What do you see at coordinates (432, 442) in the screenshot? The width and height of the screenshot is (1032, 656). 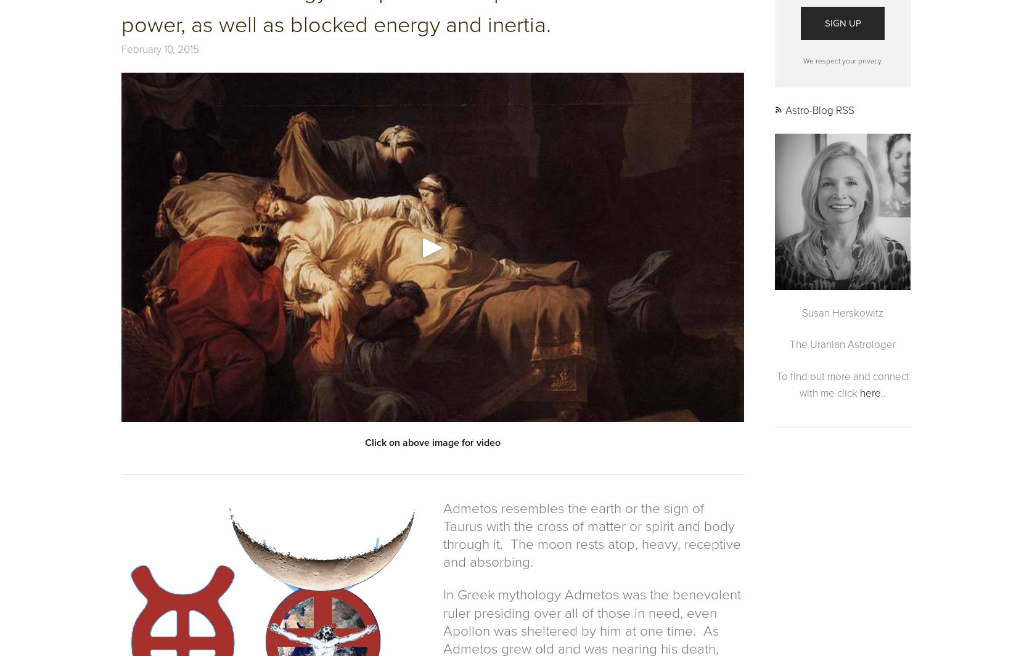 I see `'Click on above image for video'` at bounding box center [432, 442].